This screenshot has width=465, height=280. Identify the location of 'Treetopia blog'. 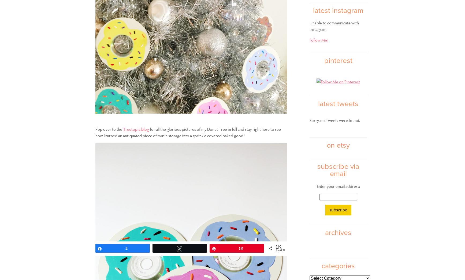
(136, 128).